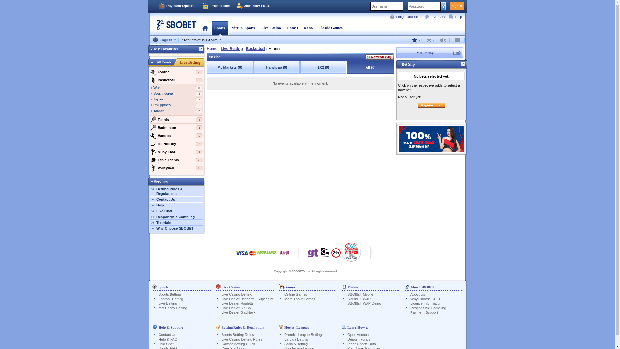 Image resolution: width=620 pixels, height=349 pixels. What do you see at coordinates (267, 256) in the screenshot?
I see `'Payment by NETELLER'` at bounding box center [267, 256].